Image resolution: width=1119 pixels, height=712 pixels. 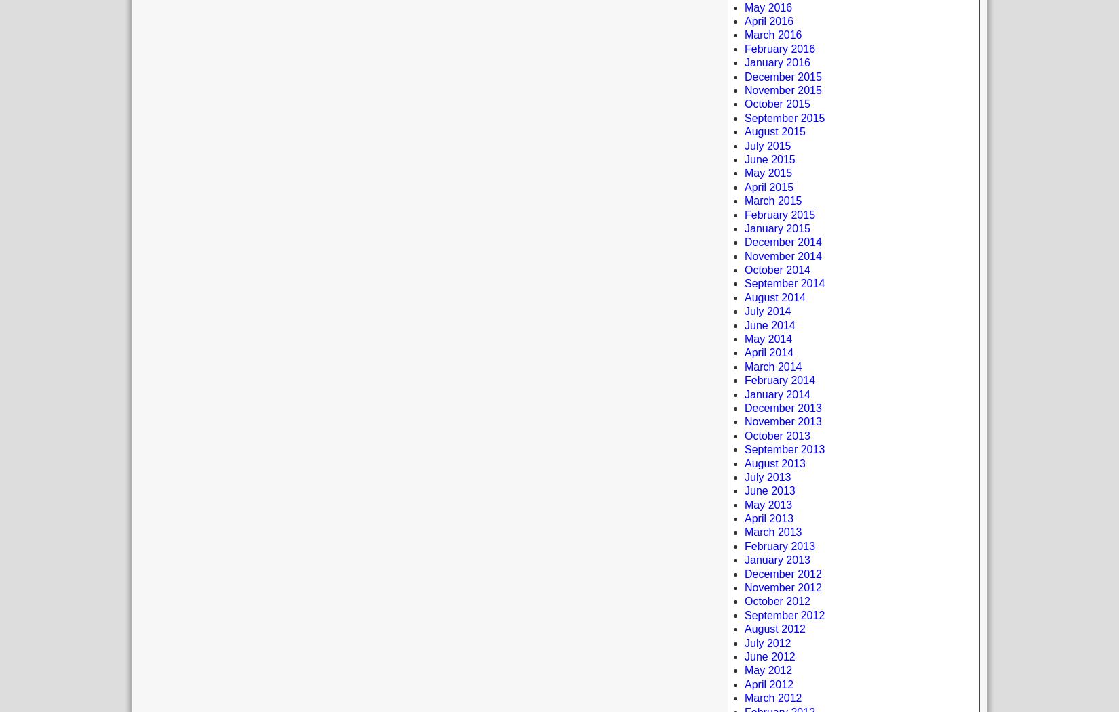 What do you see at coordinates (770, 656) in the screenshot?
I see `'June 2012'` at bounding box center [770, 656].